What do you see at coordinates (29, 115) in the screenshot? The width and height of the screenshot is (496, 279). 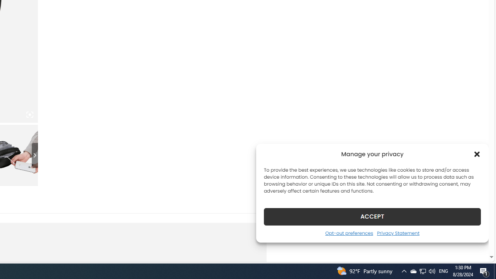 I see `'Class: iconic-woothumbs-fullscreen'` at bounding box center [29, 115].